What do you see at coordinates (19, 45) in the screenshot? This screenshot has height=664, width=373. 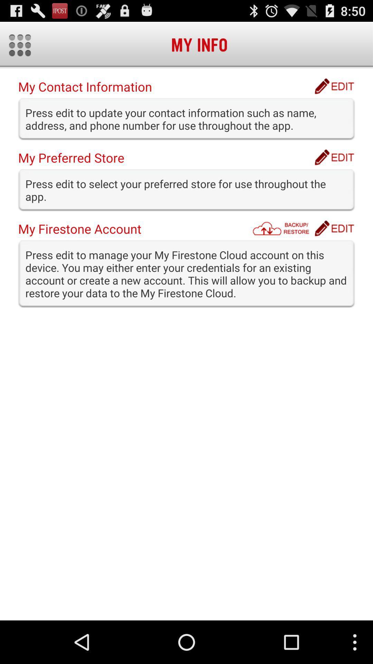 I see `item next to my info item` at bounding box center [19, 45].